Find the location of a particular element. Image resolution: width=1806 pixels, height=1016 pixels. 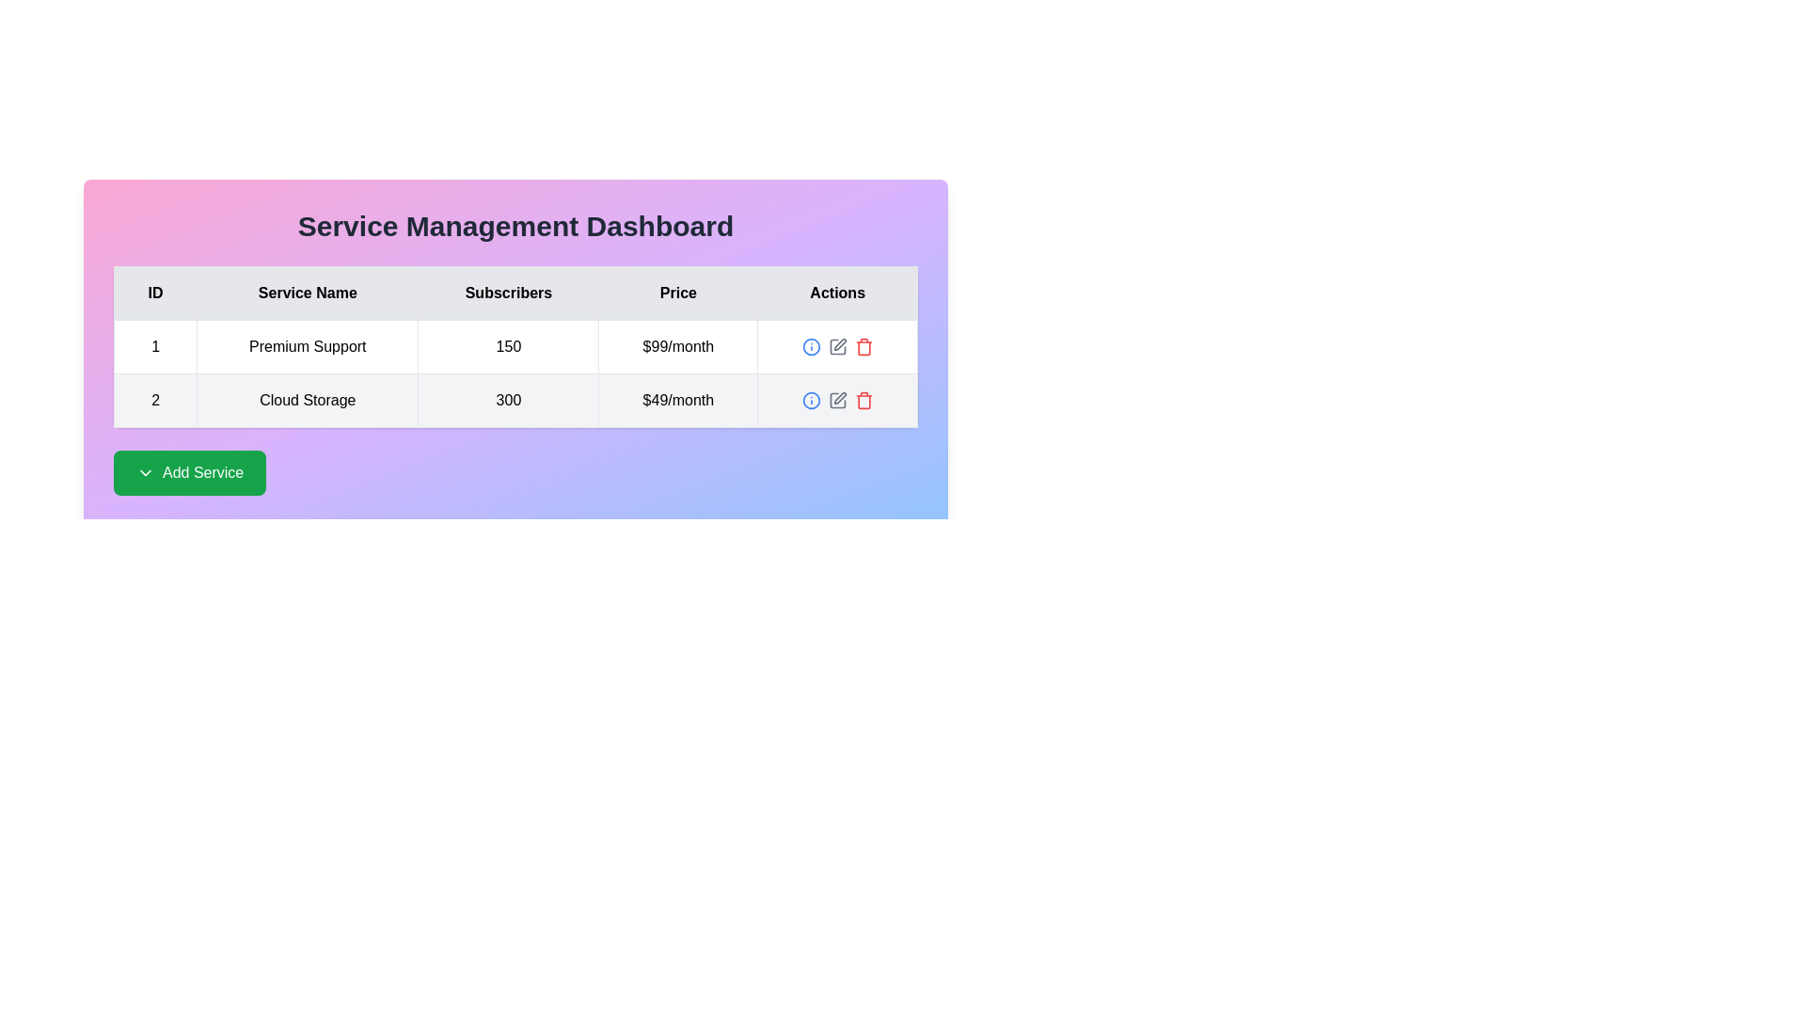

the second table row in the service management dashboard that displays 'ID' as '2', 'Service Name' as 'Cloud Storage', 'Subscribers' as '300', 'Price' as '$49/month', and contains action icons is located at coordinates (515, 399).